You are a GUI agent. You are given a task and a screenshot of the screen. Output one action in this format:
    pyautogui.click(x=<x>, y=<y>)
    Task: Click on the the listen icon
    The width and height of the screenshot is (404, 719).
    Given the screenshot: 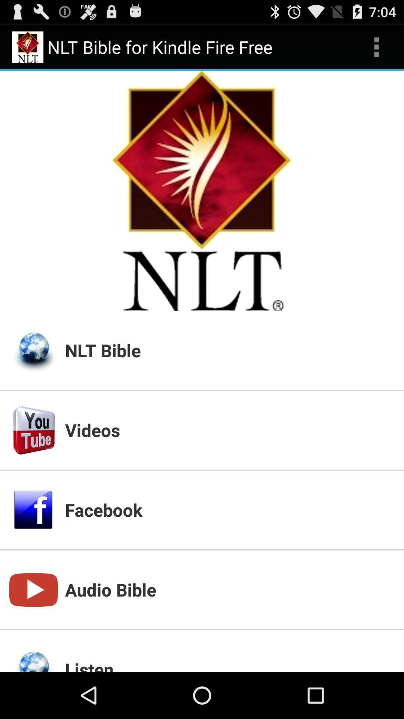 What is the action you would take?
    pyautogui.click(x=229, y=664)
    